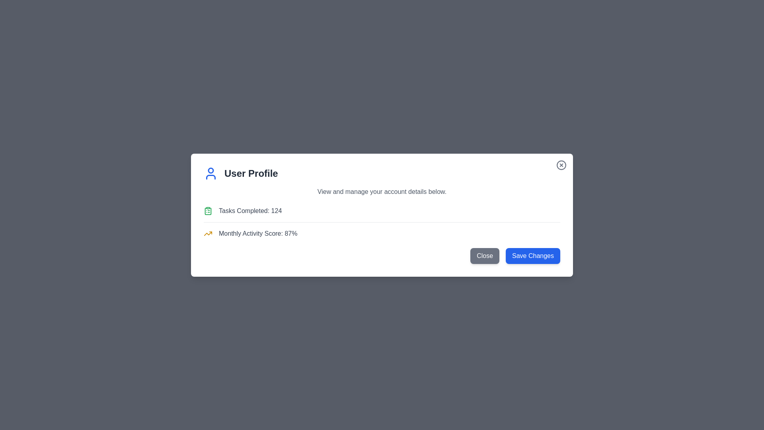 The height and width of the screenshot is (430, 764). Describe the element at coordinates (210, 173) in the screenshot. I see `the user profile icon, which is a decorative element located at the far left of the row containing the 'User Profile' text label` at that location.